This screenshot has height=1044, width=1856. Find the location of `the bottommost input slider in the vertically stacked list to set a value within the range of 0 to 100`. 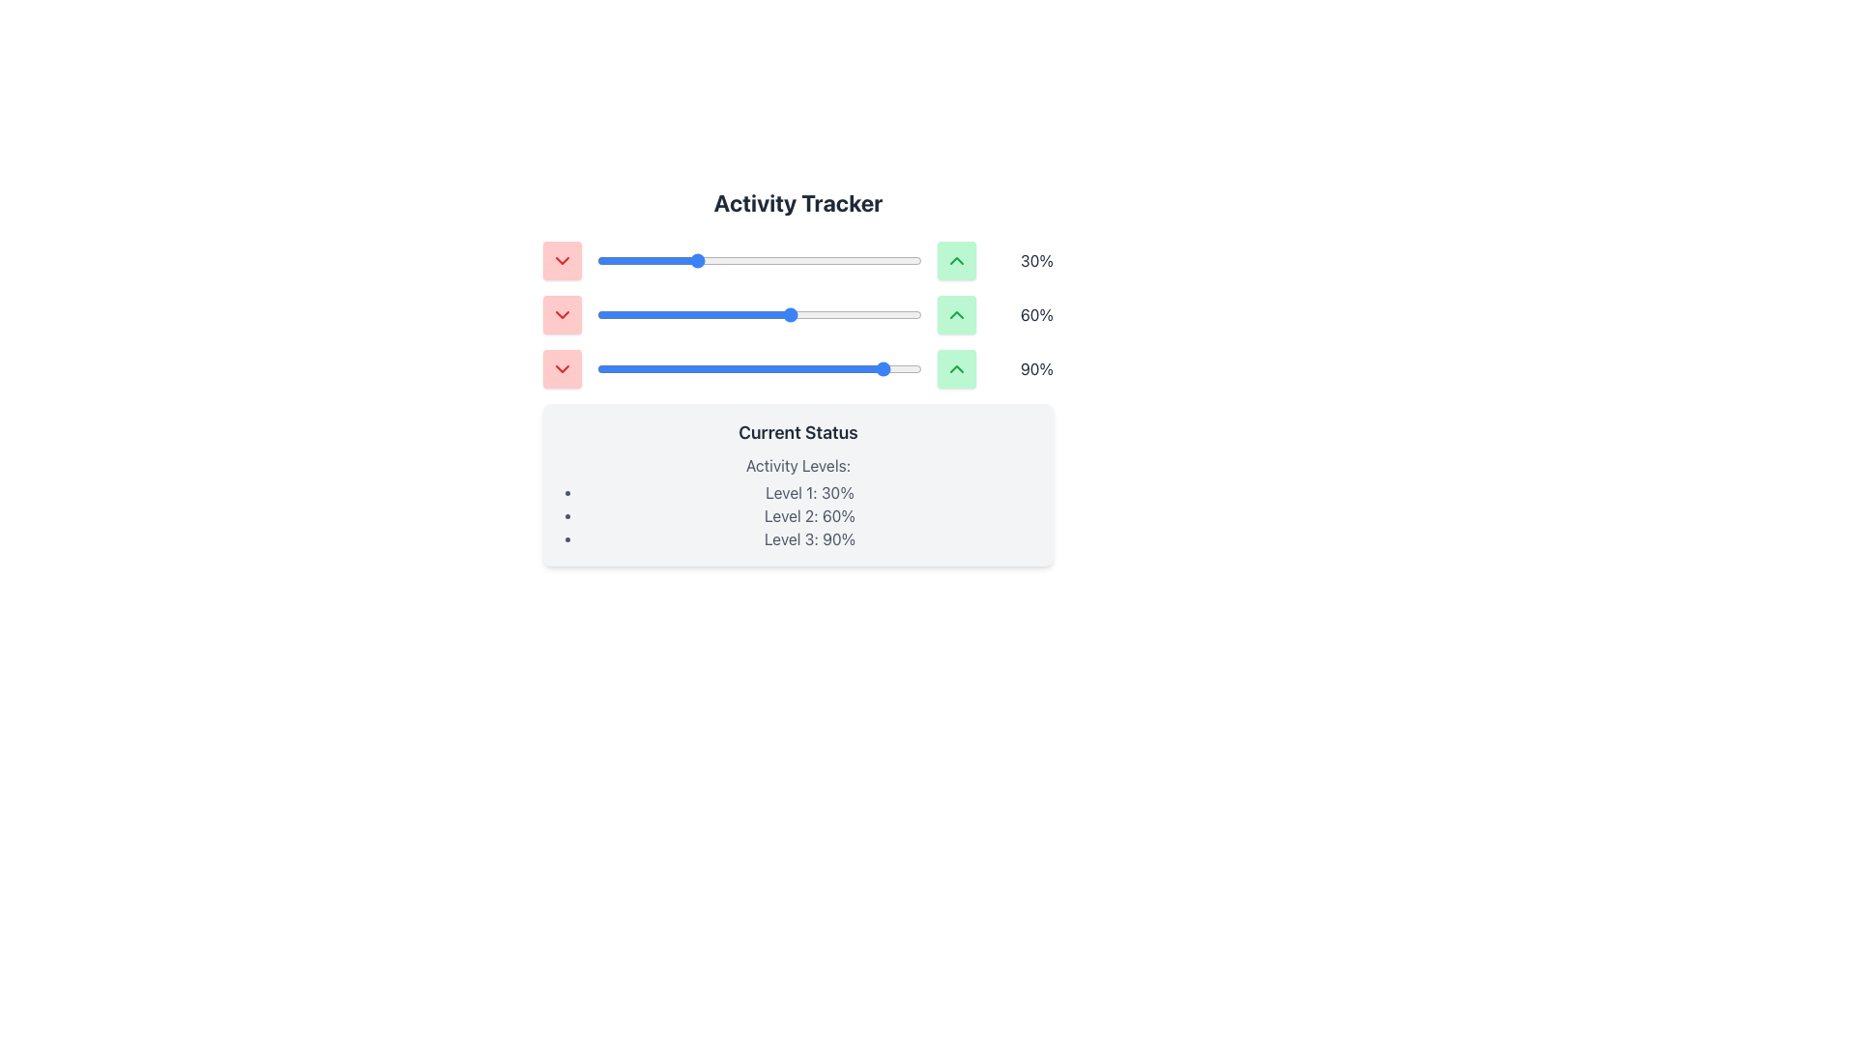

the bottommost input slider in the vertically stacked list to set a value within the range of 0 to 100 is located at coordinates (759, 368).